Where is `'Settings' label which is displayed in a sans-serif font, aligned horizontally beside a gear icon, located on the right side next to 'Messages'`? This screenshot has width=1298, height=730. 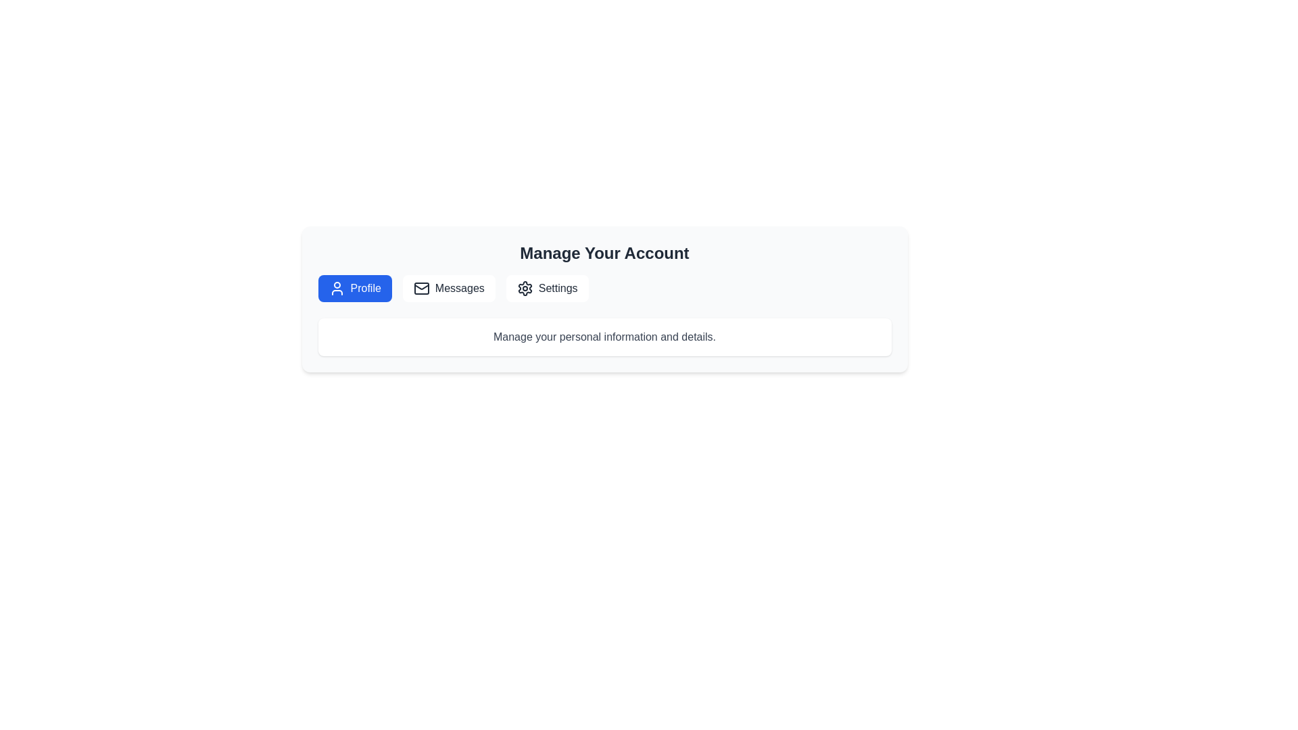 'Settings' label which is displayed in a sans-serif font, aligned horizontally beside a gear icon, located on the right side next to 'Messages' is located at coordinates (558, 288).